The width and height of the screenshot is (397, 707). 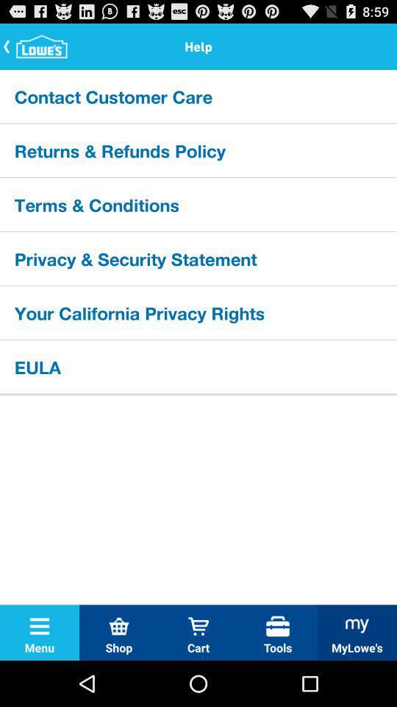 What do you see at coordinates (198, 150) in the screenshot?
I see `the returns & refunds policy icon` at bounding box center [198, 150].